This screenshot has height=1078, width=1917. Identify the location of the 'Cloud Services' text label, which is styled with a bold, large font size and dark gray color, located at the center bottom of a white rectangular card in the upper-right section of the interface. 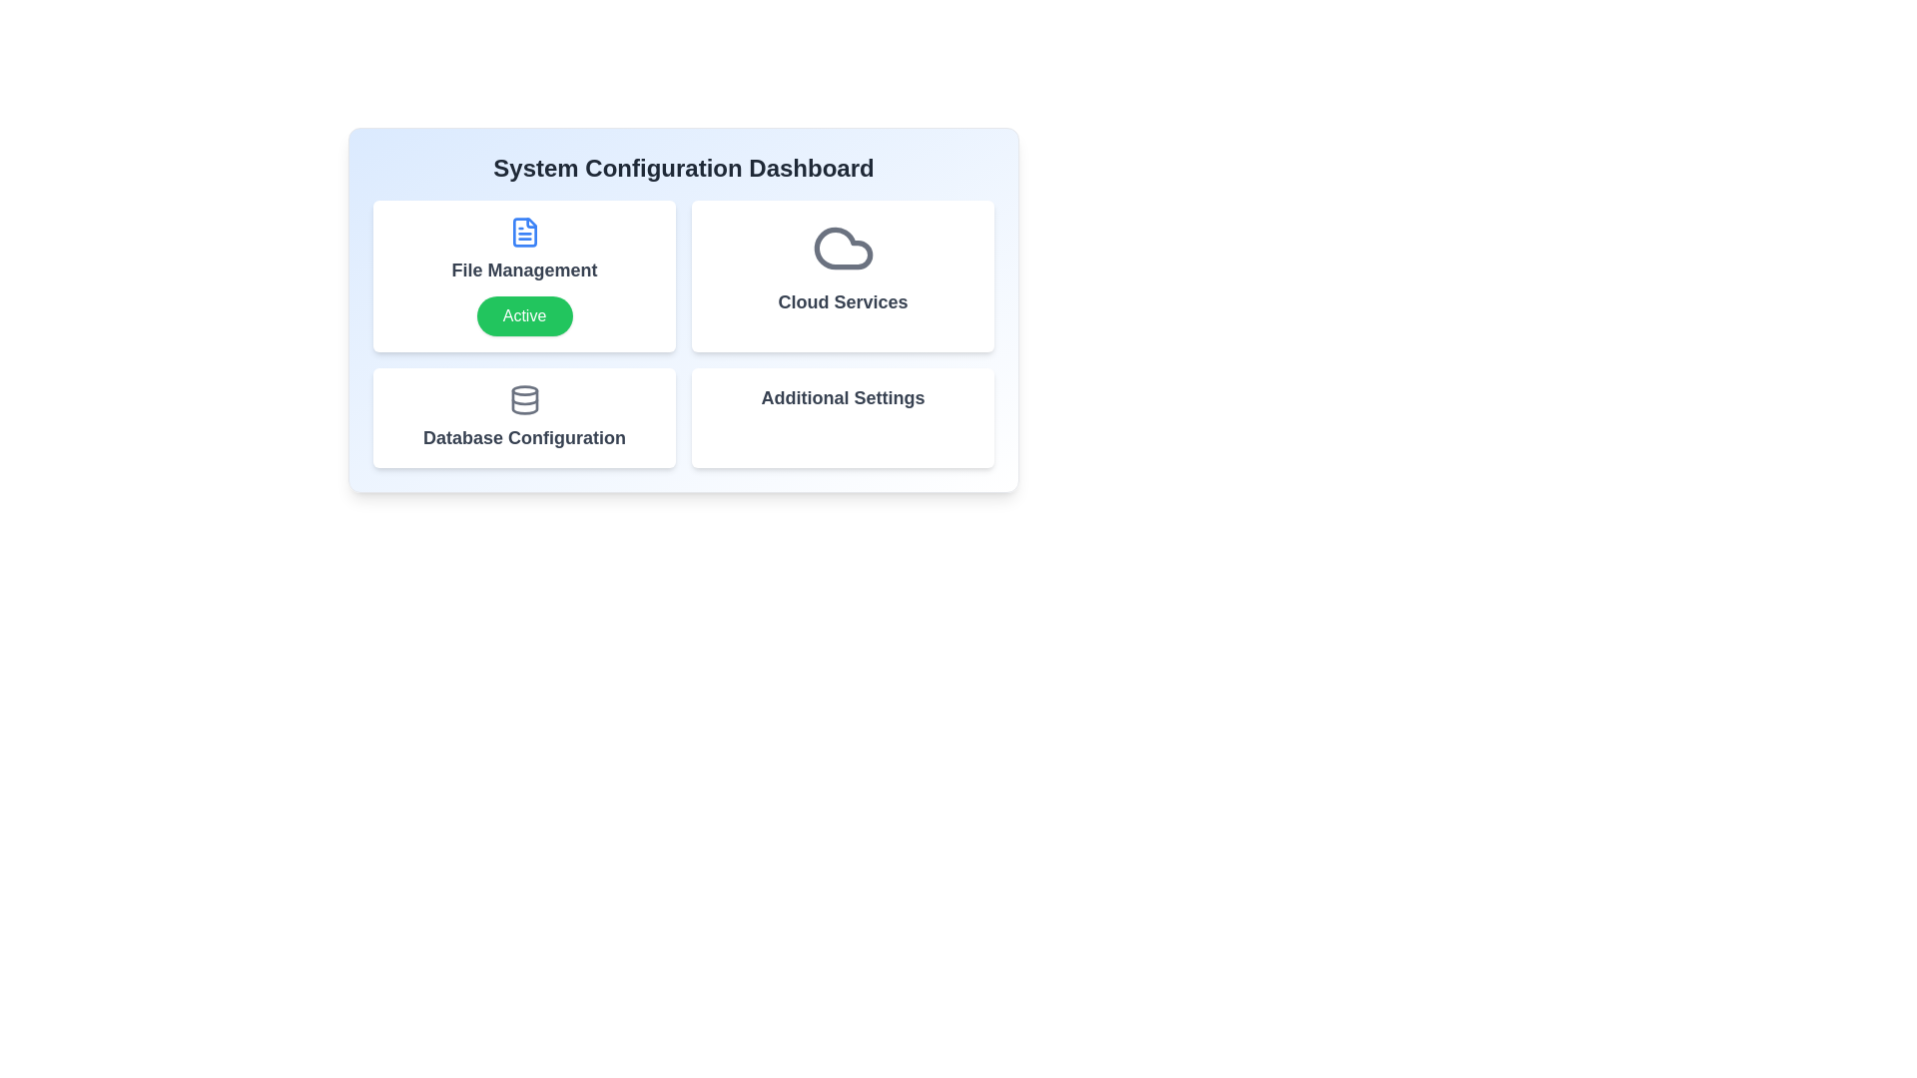
(843, 302).